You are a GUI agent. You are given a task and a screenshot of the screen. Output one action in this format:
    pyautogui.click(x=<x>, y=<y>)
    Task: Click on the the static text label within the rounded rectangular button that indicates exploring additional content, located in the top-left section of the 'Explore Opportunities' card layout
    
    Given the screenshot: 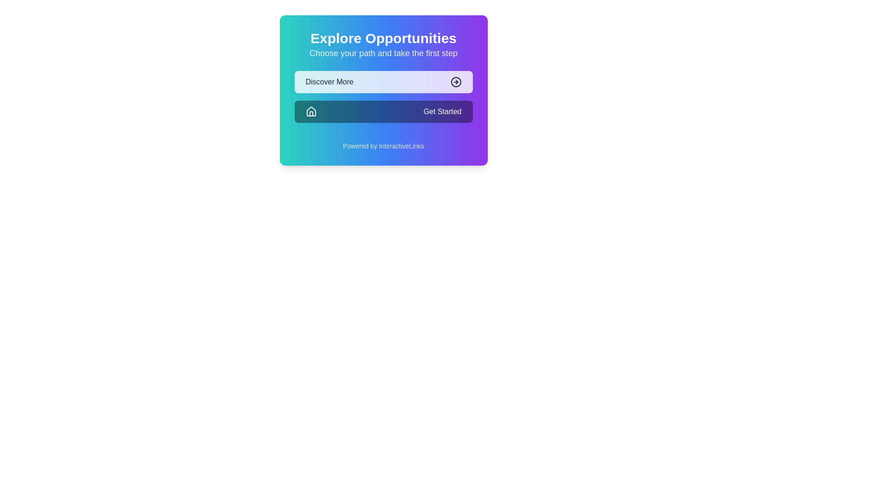 What is the action you would take?
    pyautogui.click(x=329, y=82)
    